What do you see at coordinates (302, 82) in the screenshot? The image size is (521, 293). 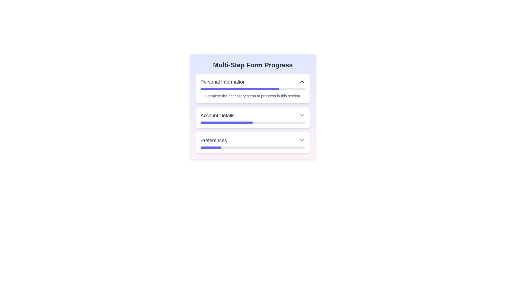 I see `the SVG Icon (Chevron) located at the far right of the 'Personal Information' section header` at bounding box center [302, 82].